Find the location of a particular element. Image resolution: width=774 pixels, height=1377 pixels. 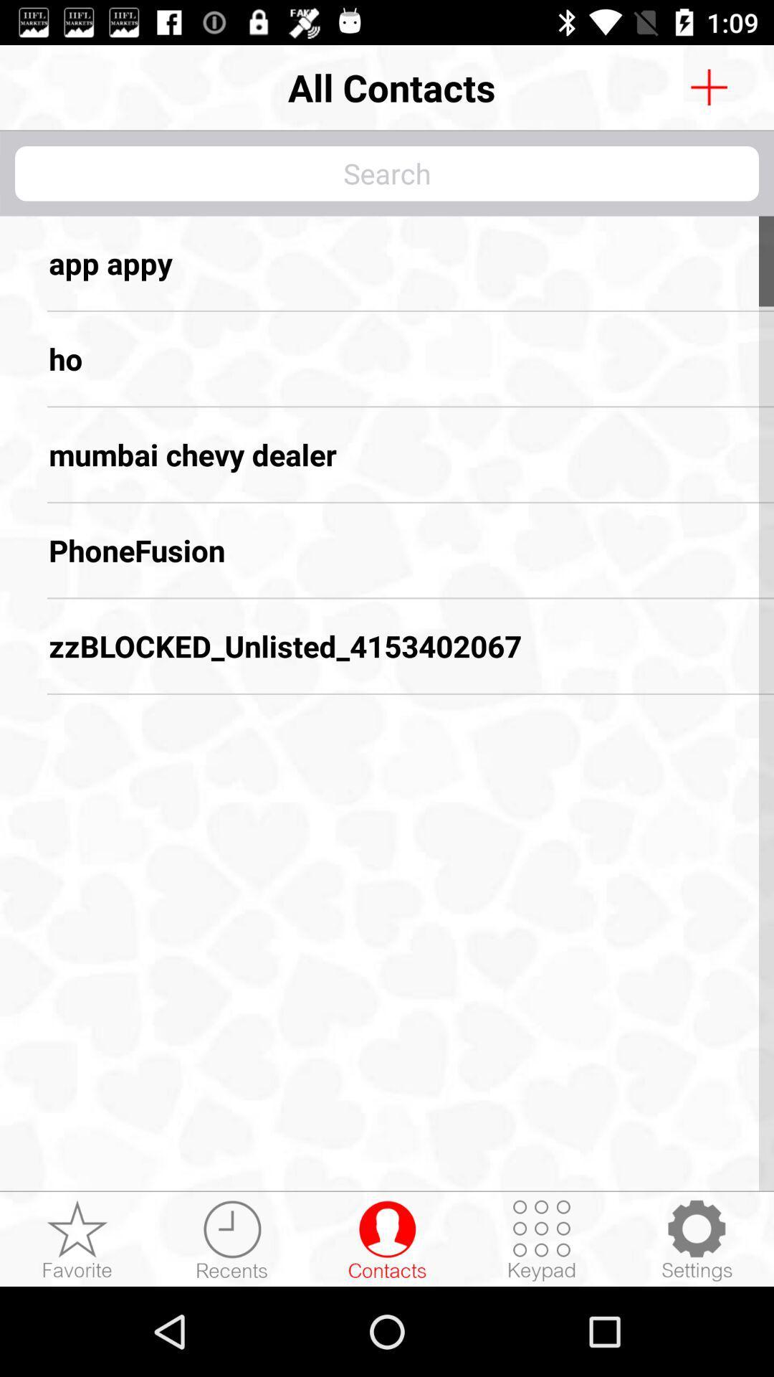

the dialpad icon is located at coordinates (542, 1239).